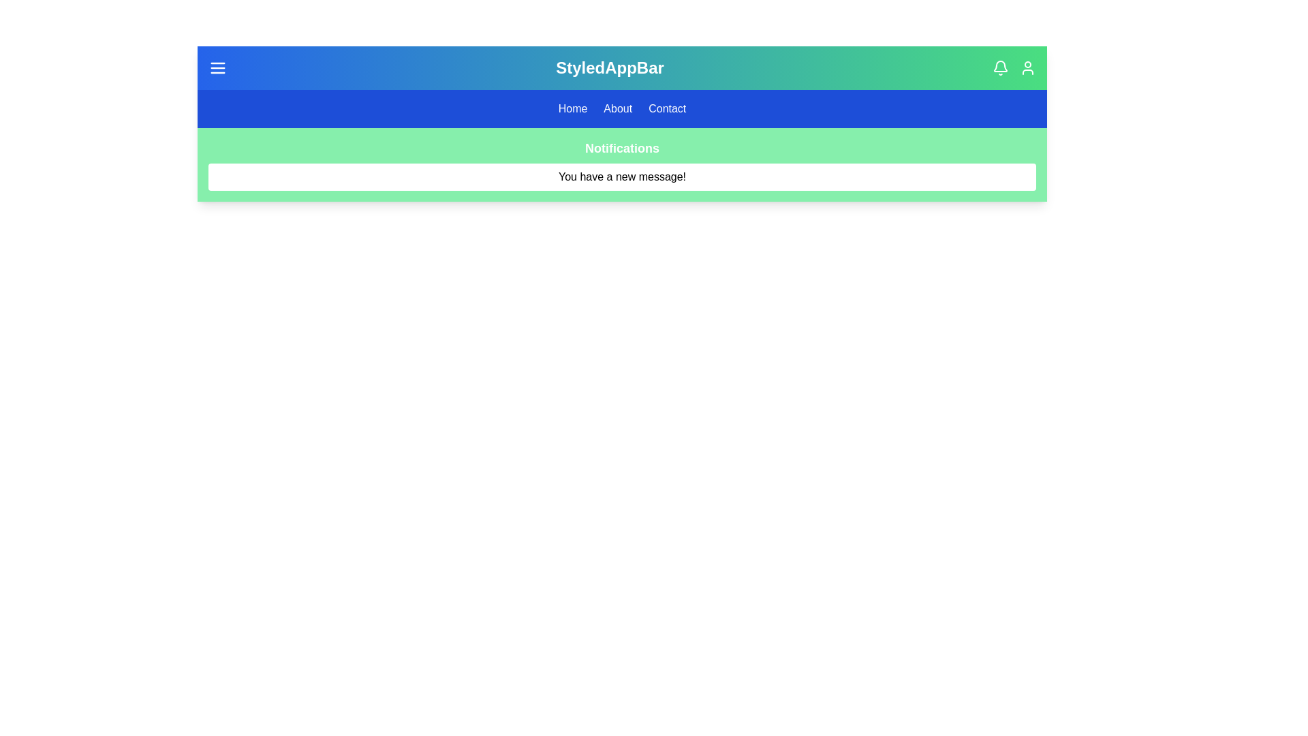  Describe the element at coordinates (1000, 68) in the screenshot. I see `the notification icon located` at that location.